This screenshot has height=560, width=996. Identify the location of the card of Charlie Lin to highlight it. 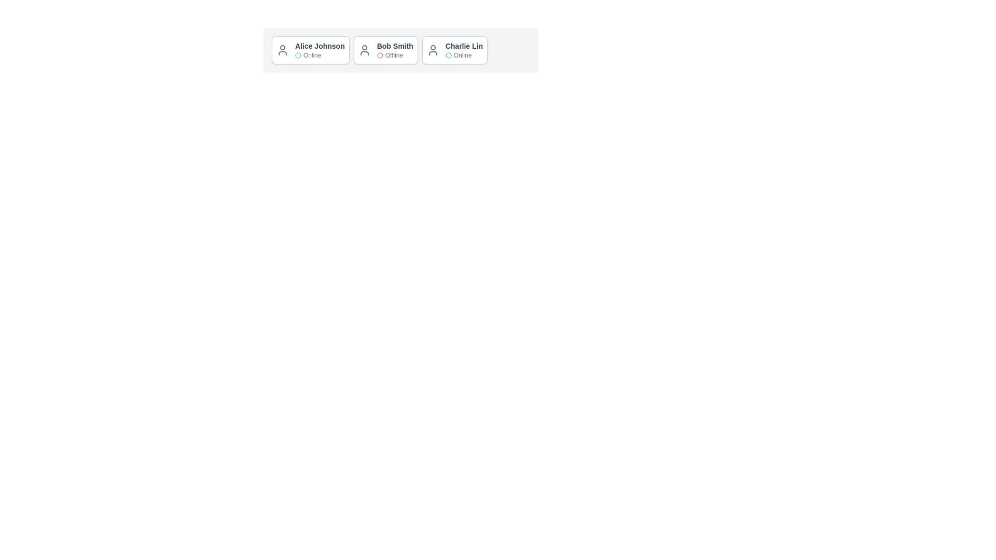
(454, 50).